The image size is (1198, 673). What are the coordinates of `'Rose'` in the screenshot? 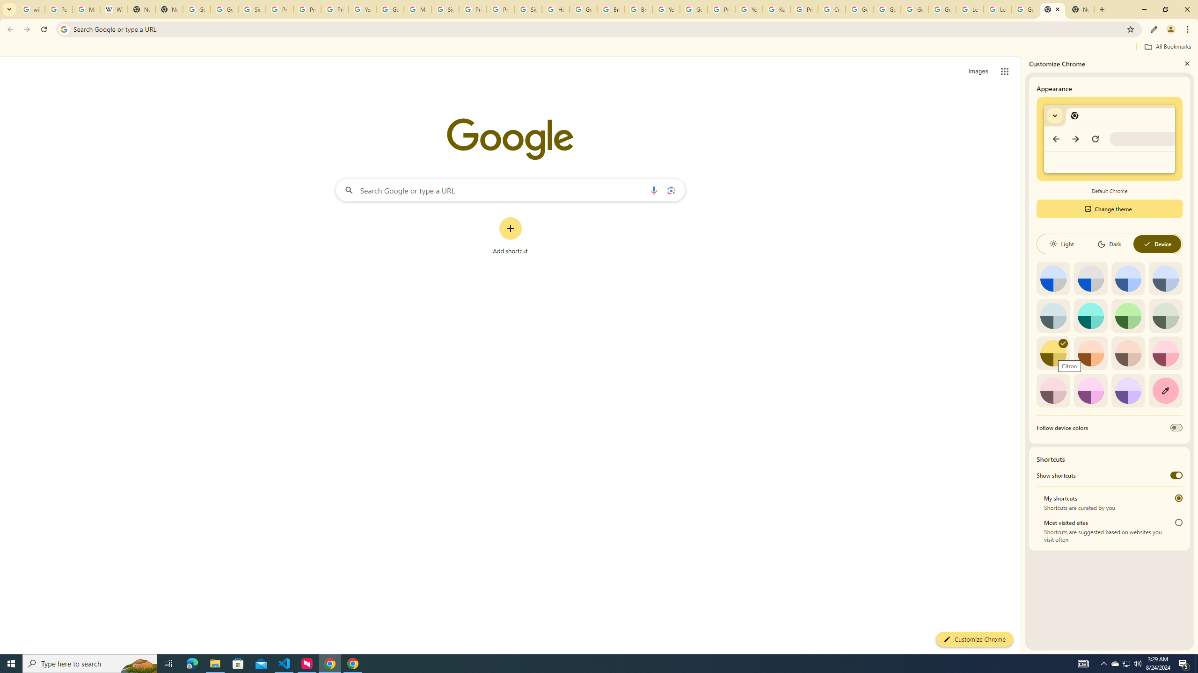 It's located at (1165, 353).